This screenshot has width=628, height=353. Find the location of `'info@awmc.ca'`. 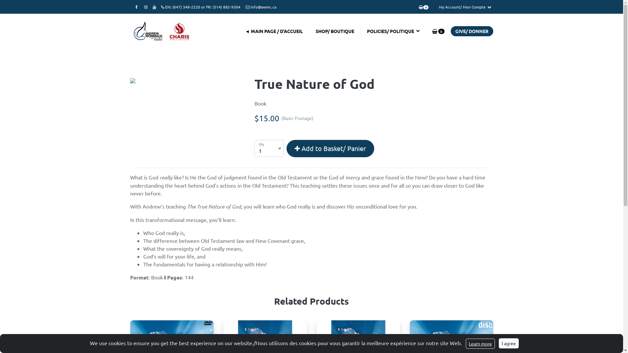

'info@awmc.ca' is located at coordinates (260, 7).